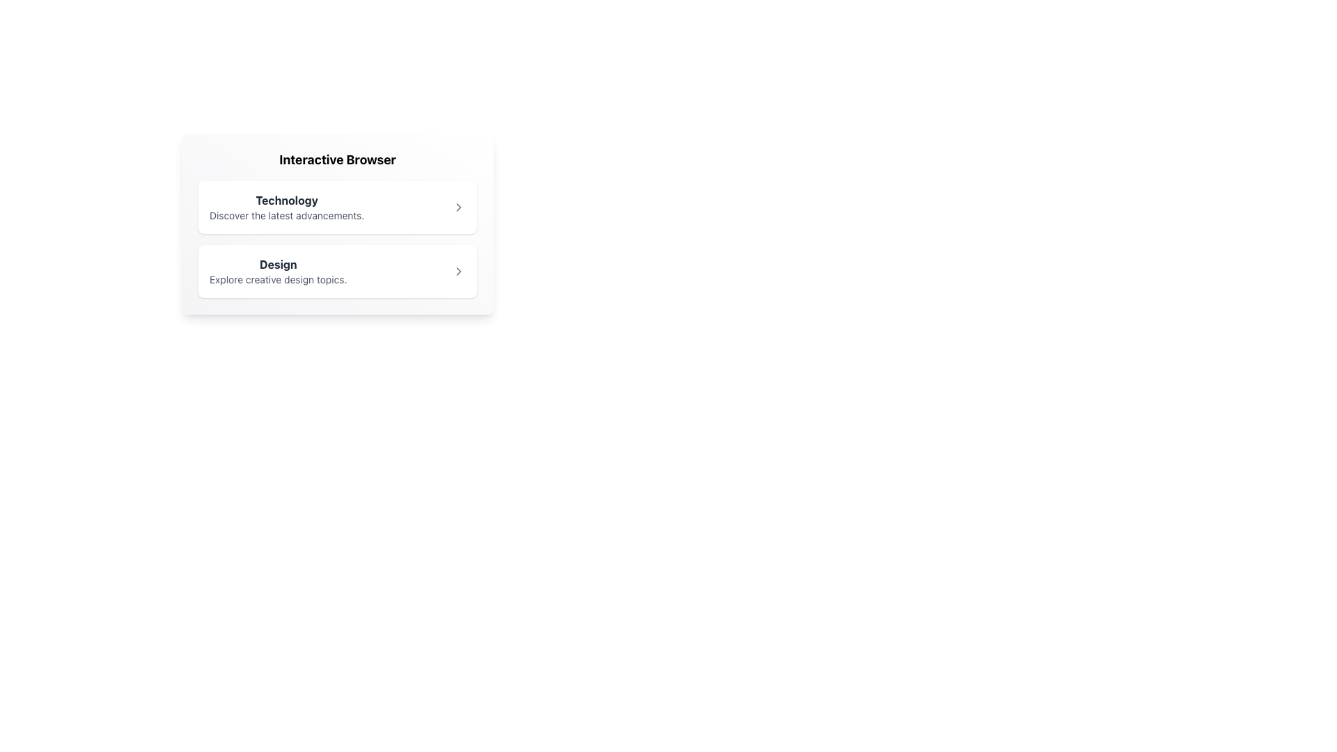 This screenshot has height=752, width=1337. Describe the element at coordinates (458, 271) in the screenshot. I see `the rightward-pointing chevron icon located at the end of the row labeled 'Design Explore creative design topics.'` at that location.